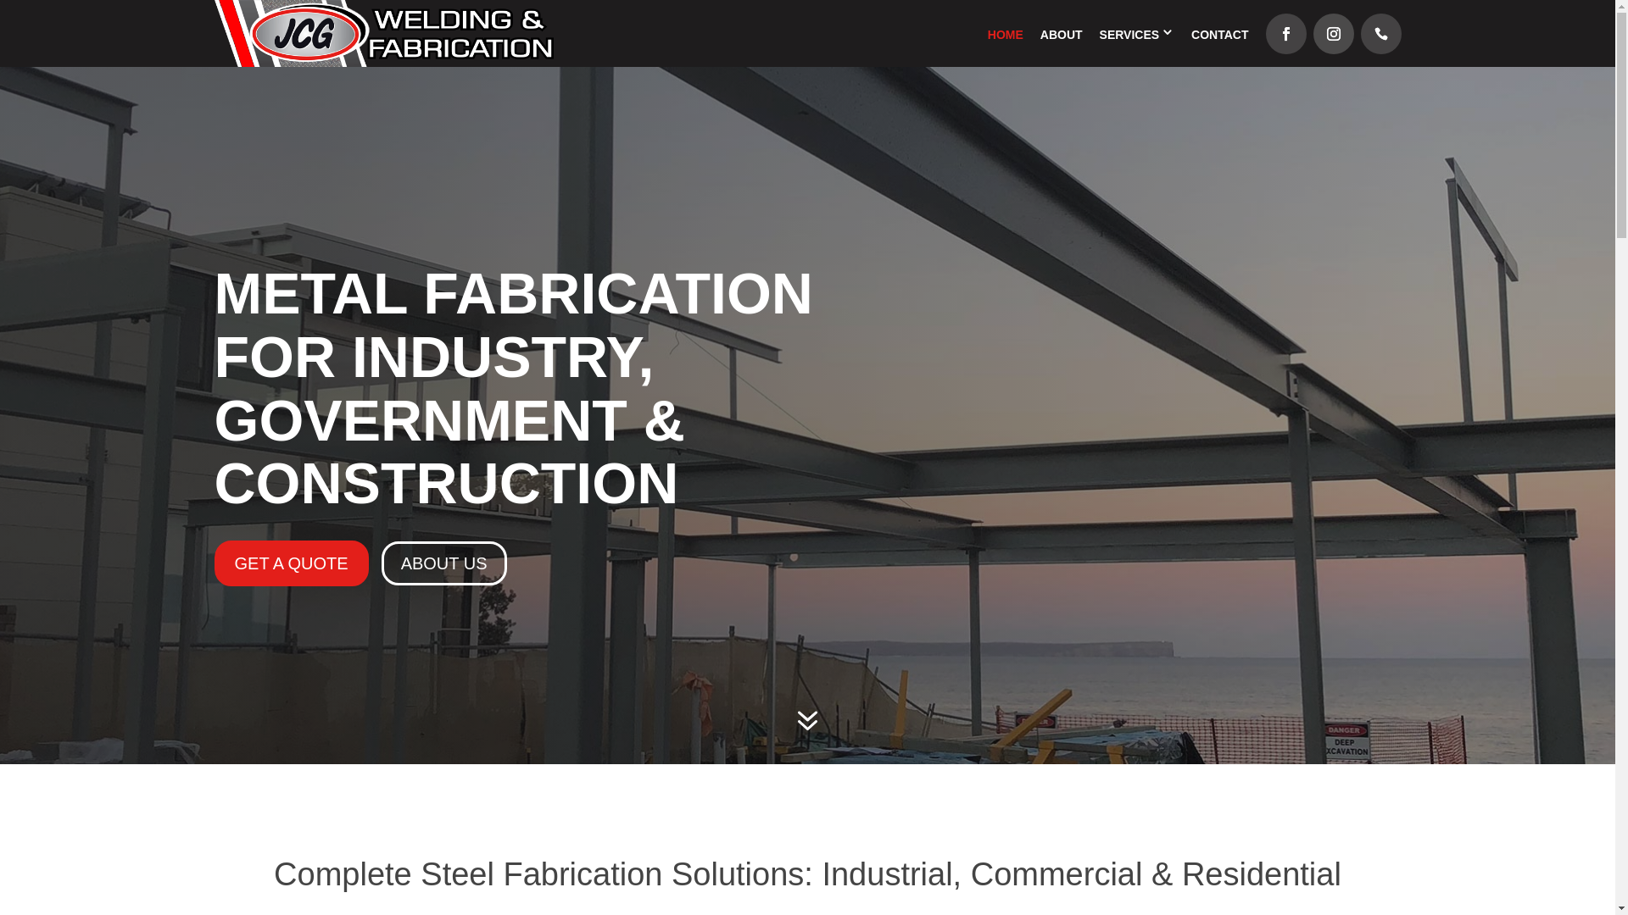 Image resolution: width=1628 pixels, height=915 pixels. I want to click on 'ABOUT US', so click(443, 563).